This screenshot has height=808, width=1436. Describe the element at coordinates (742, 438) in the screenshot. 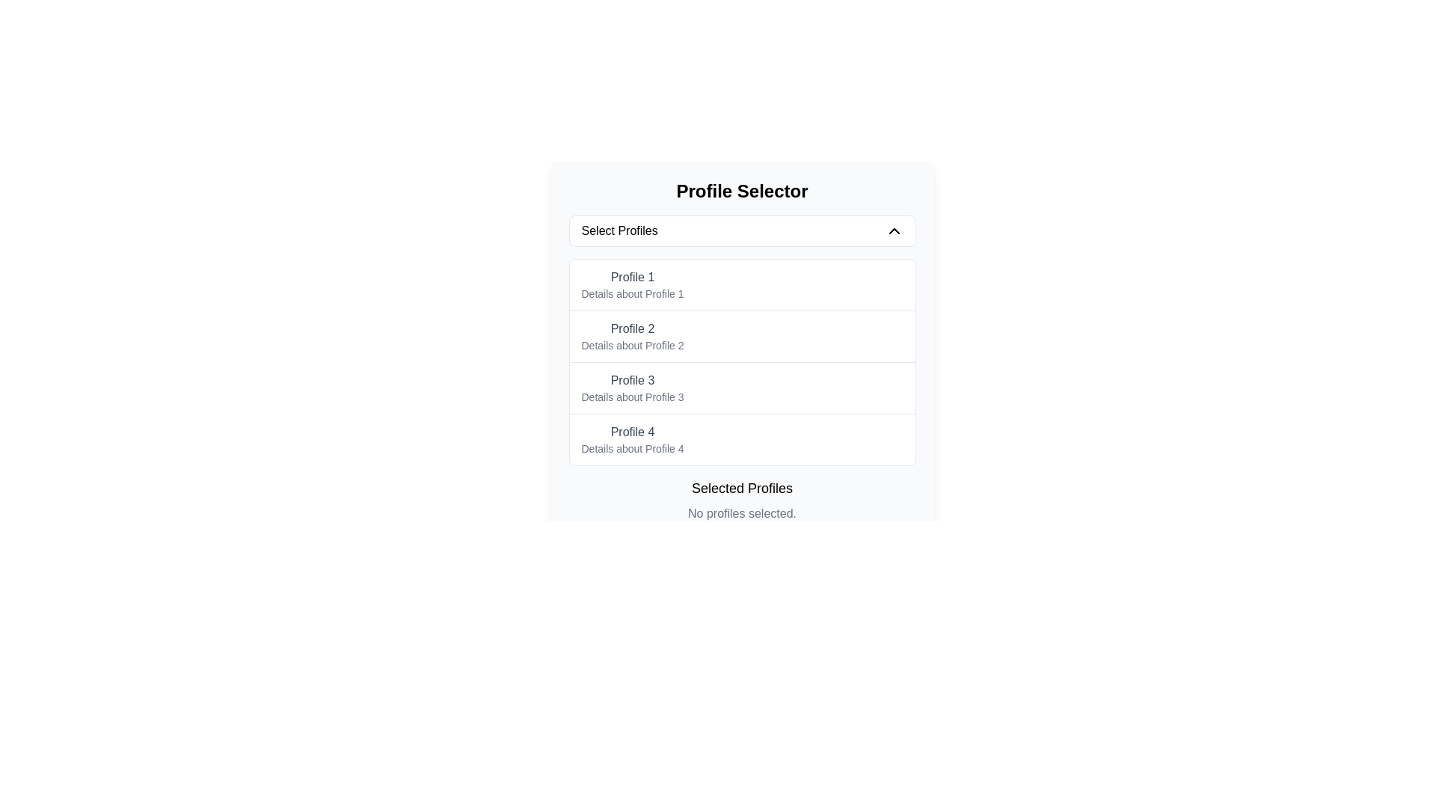

I see `the list item labeled 'Profile 4' for keyboard interaction` at that location.